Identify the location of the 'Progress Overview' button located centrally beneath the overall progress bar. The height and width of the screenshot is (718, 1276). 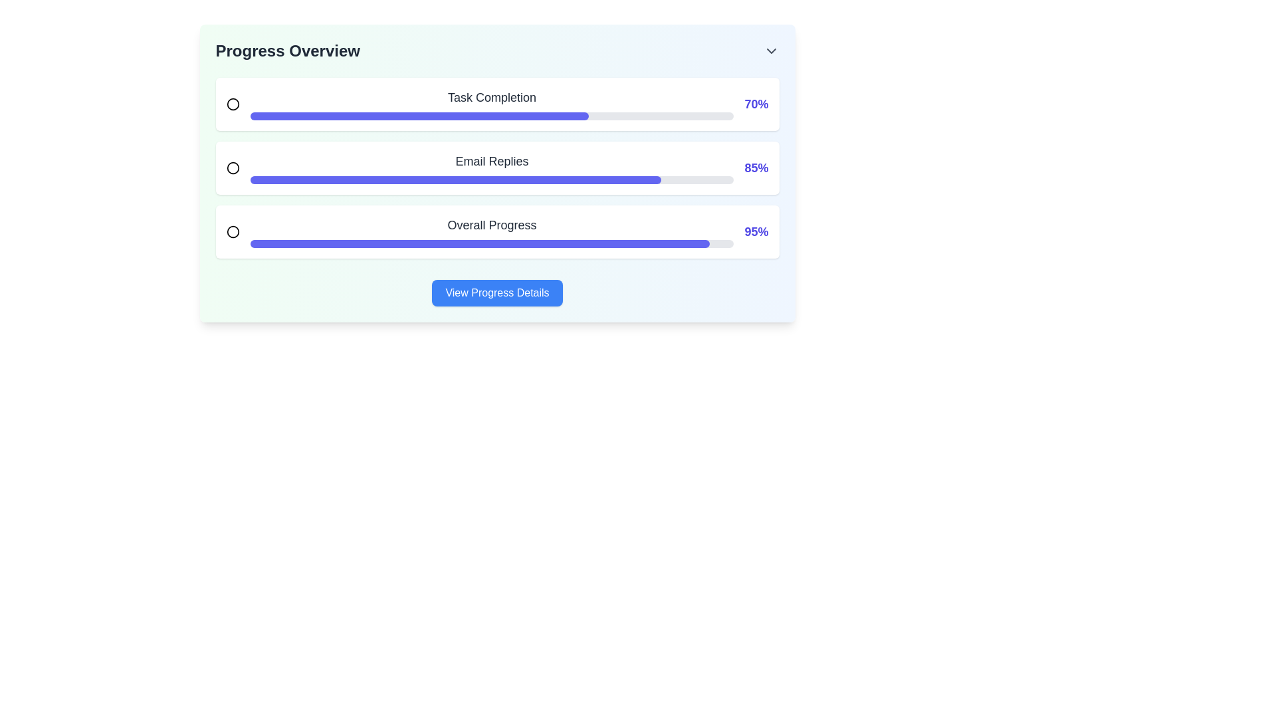
(496, 292).